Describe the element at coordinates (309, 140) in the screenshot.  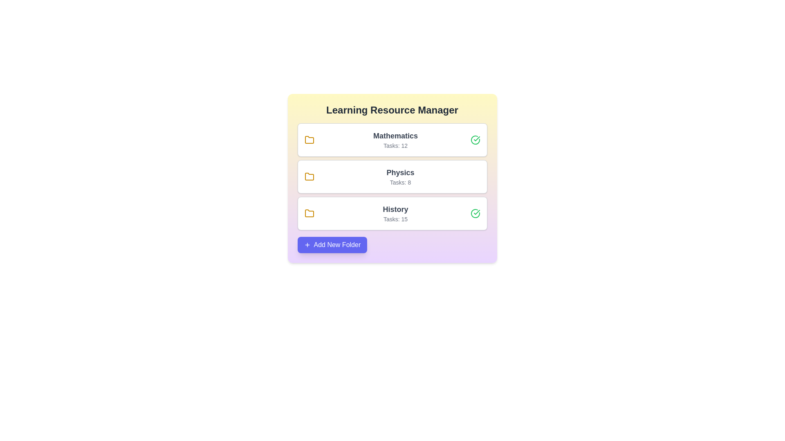
I see `the folder icon of Mathematics to reveal its tooltip or effect` at that location.